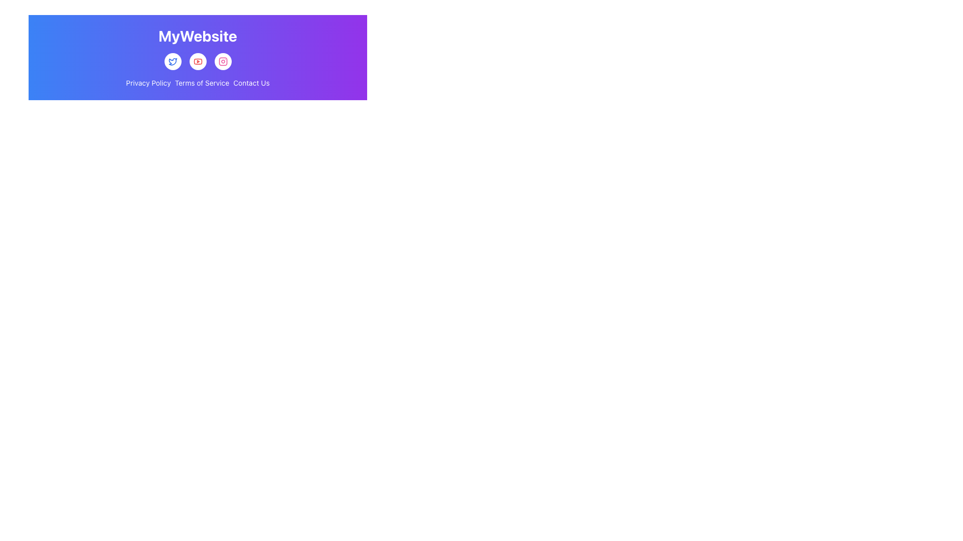 Image resolution: width=963 pixels, height=541 pixels. Describe the element at coordinates (198, 62) in the screenshot. I see `the YouTube logo SVG icon located in the header of the page` at that location.